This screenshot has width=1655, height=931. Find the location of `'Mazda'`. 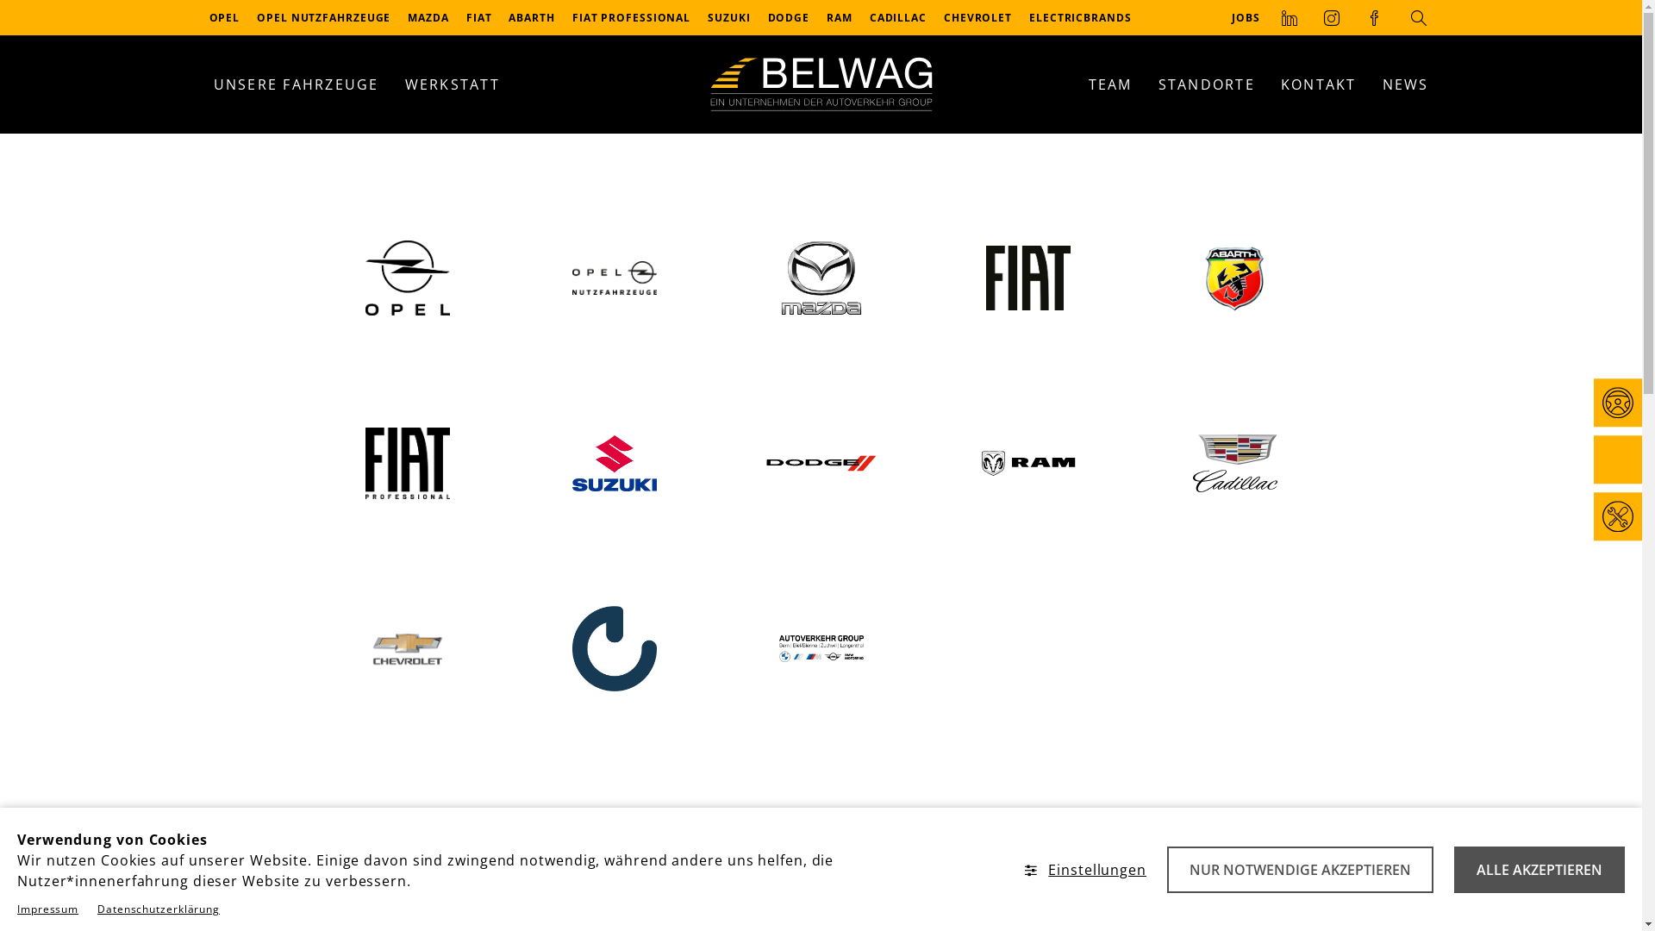

'Mazda' is located at coordinates (821, 276).